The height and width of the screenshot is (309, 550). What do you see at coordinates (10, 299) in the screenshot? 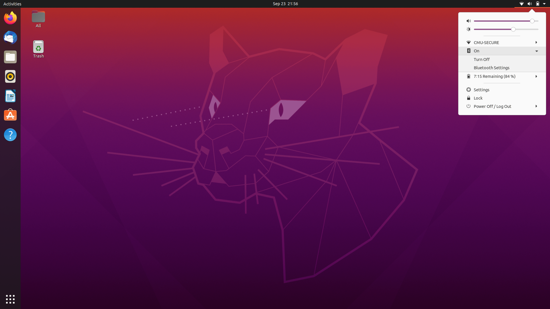
I see `Start All Applications` at bounding box center [10, 299].